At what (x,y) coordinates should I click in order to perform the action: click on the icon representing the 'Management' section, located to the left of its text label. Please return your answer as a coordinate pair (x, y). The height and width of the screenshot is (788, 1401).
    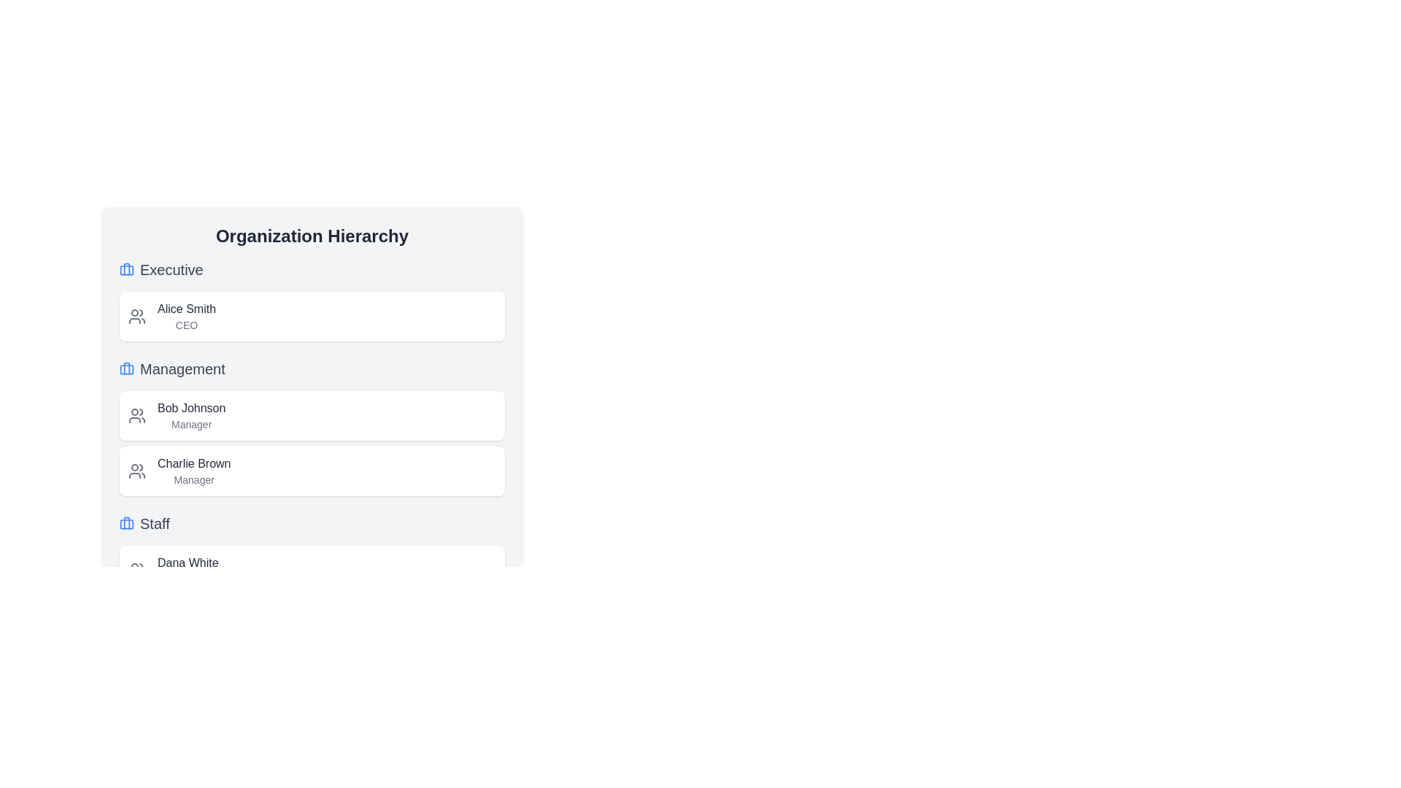
    Looking at the image, I should click on (126, 368).